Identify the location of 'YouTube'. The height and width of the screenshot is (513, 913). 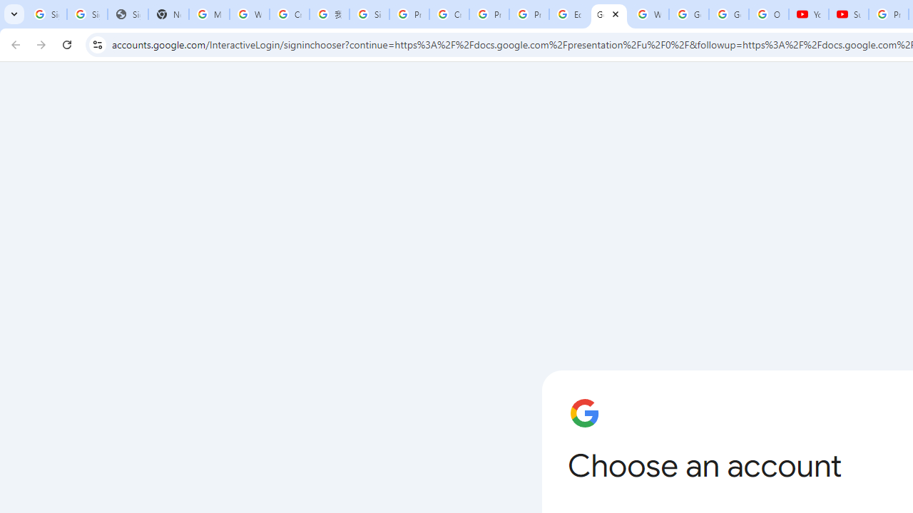
(809, 14).